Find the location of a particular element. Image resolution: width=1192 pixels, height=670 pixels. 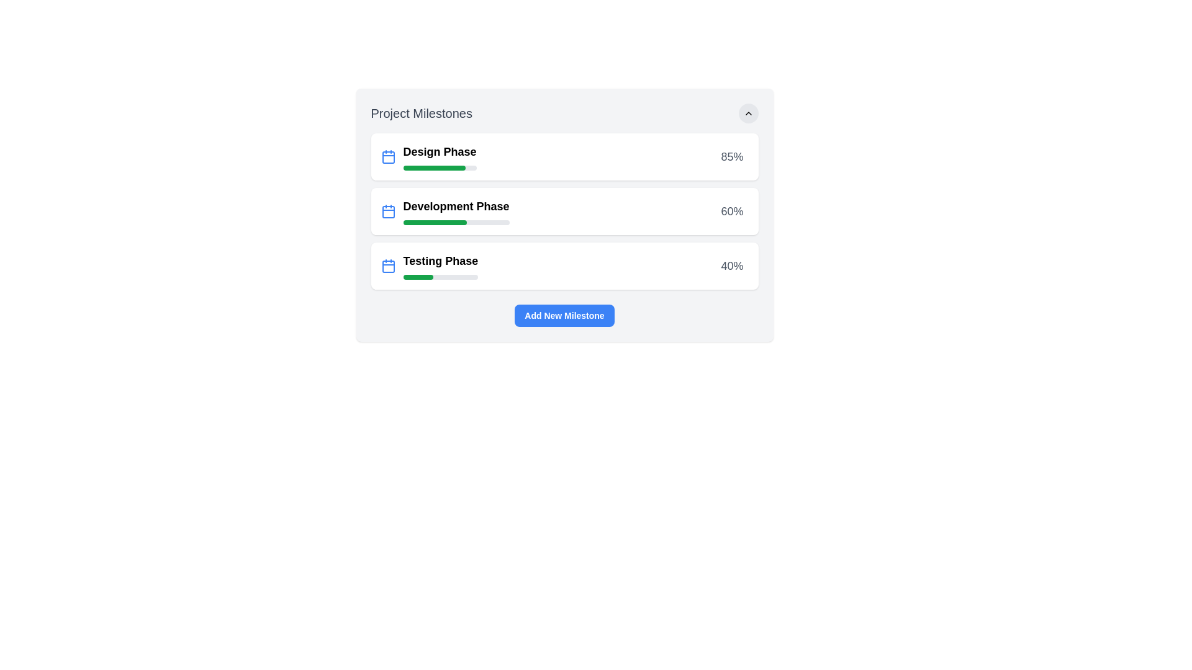

the Text label that displays the progress percentage for the 'Testing Phase', located at the upper-right corner of the progress bar card is located at coordinates (732, 265).